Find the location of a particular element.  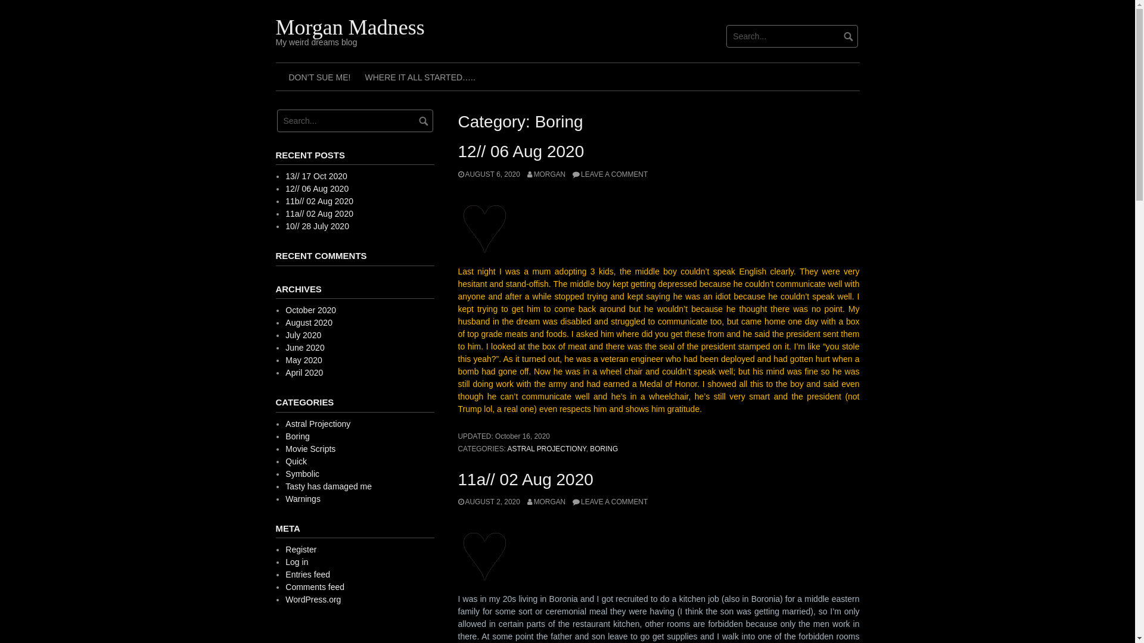

'Boring' is located at coordinates (285, 436).